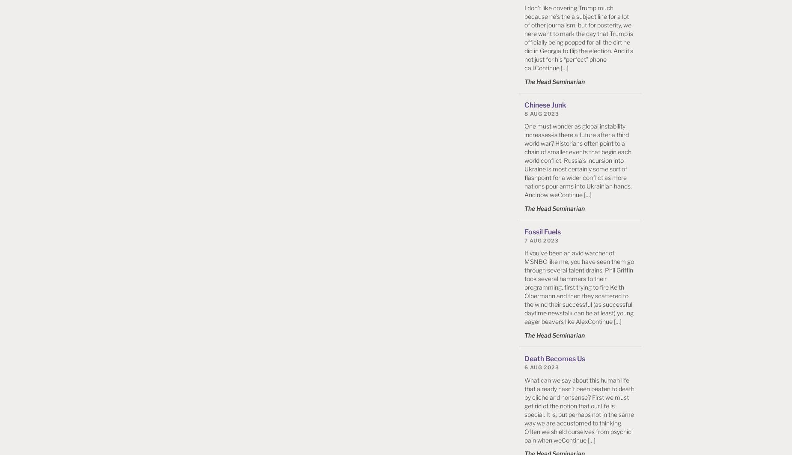 The width and height of the screenshot is (792, 455). What do you see at coordinates (541, 113) in the screenshot?
I see `'8 Aug 2023'` at bounding box center [541, 113].